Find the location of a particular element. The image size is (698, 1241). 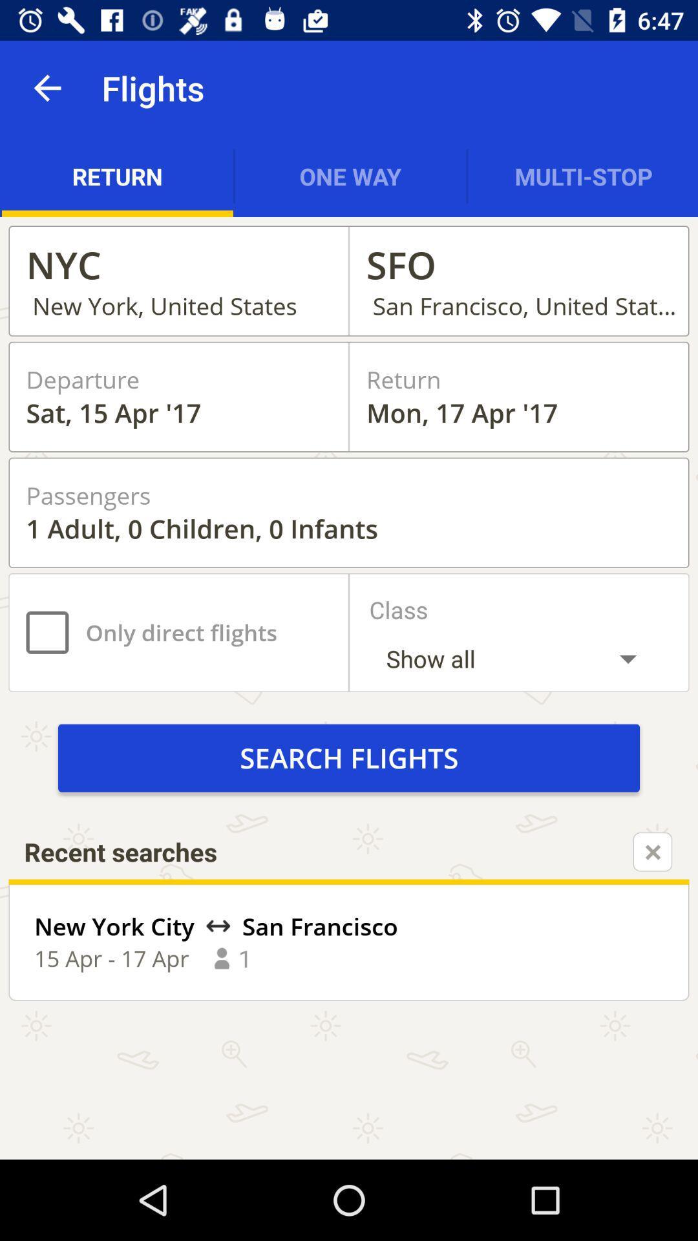

recent searches is located at coordinates (652, 852).